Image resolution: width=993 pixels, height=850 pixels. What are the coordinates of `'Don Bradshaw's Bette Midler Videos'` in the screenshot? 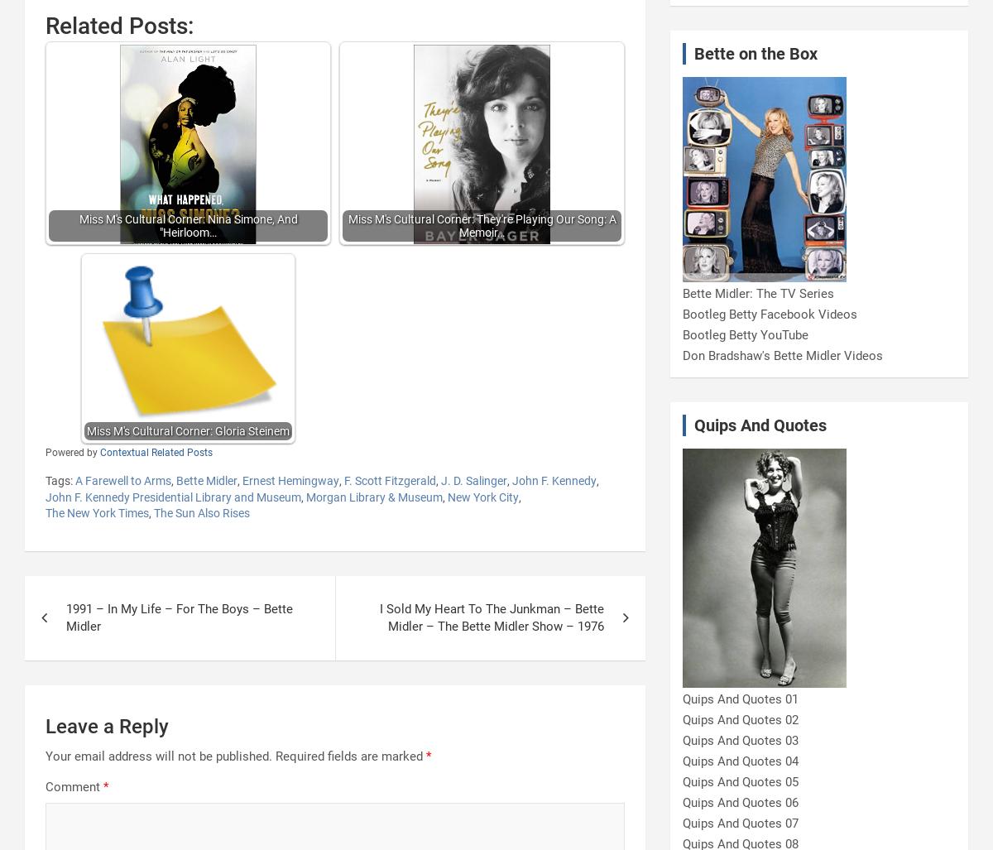 It's located at (782, 355).